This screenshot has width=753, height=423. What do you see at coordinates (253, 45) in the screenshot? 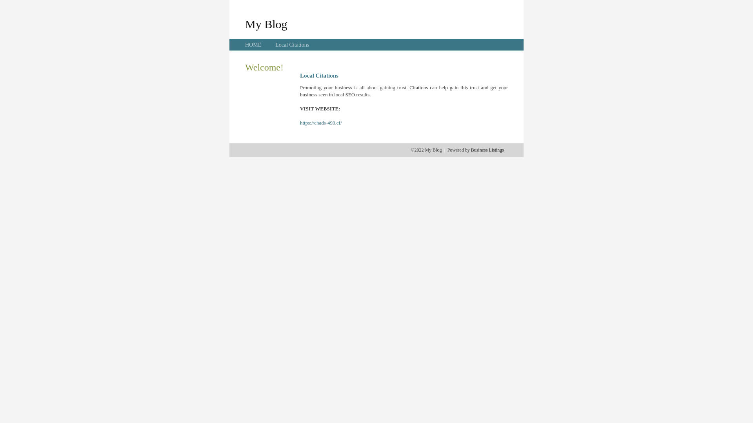
I see `'HOME'` at bounding box center [253, 45].